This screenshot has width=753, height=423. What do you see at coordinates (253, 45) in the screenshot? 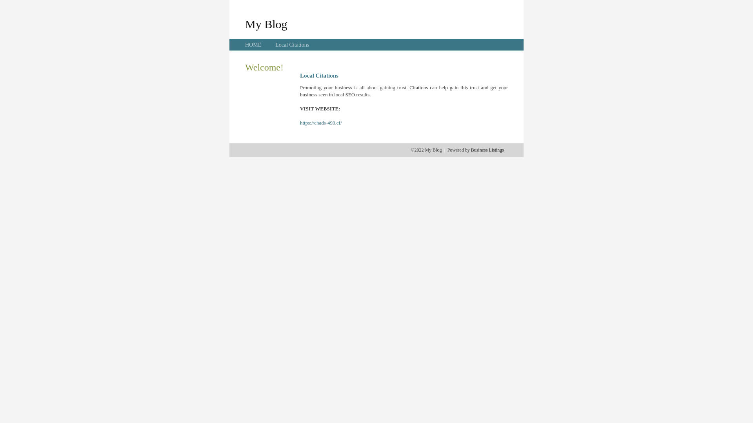
I see `'HOME'` at bounding box center [253, 45].